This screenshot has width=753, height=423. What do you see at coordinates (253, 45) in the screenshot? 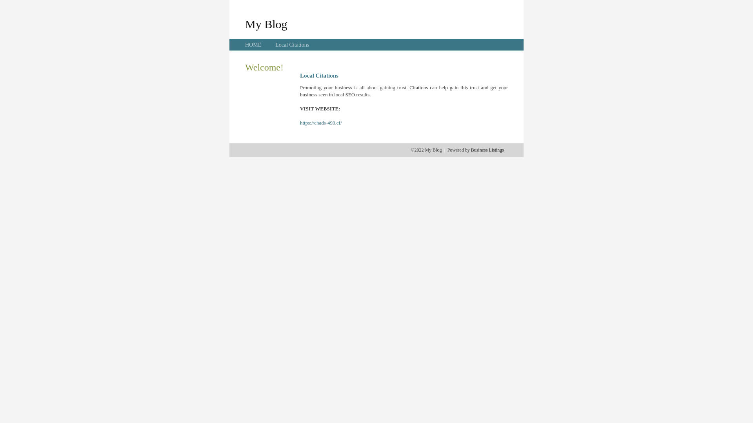
I see `'HOME'` at bounding box center [253, 45].